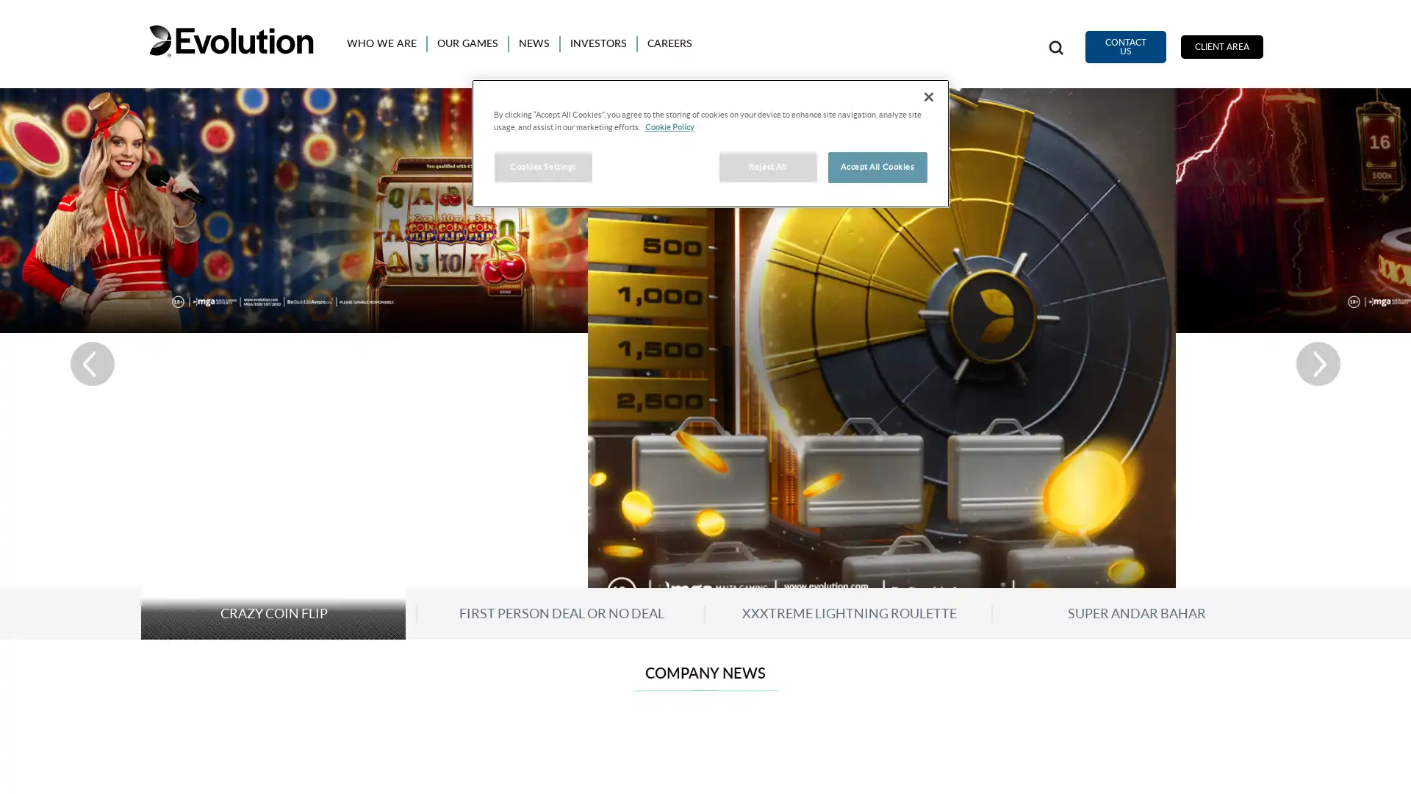 This screenshot has width=1411, height=794. Describe the element at coordinates (877, 166) in the screenshot. I see `Accept All Cookies` at that location.